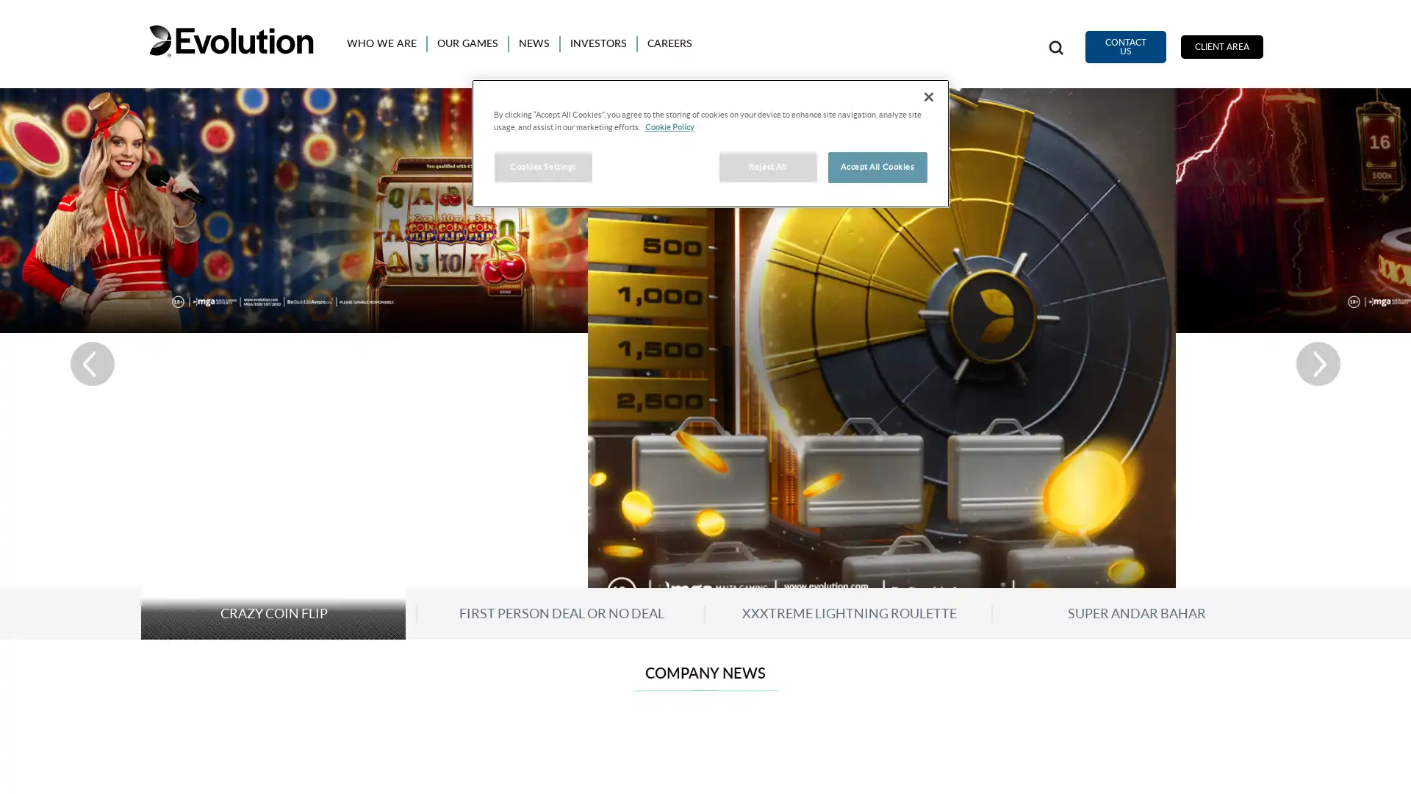 This screenshot has width=1411, height=794. Describe the element at coordinates (877, 166) in the screenshot. I see `Accept All Cookies` at that location.